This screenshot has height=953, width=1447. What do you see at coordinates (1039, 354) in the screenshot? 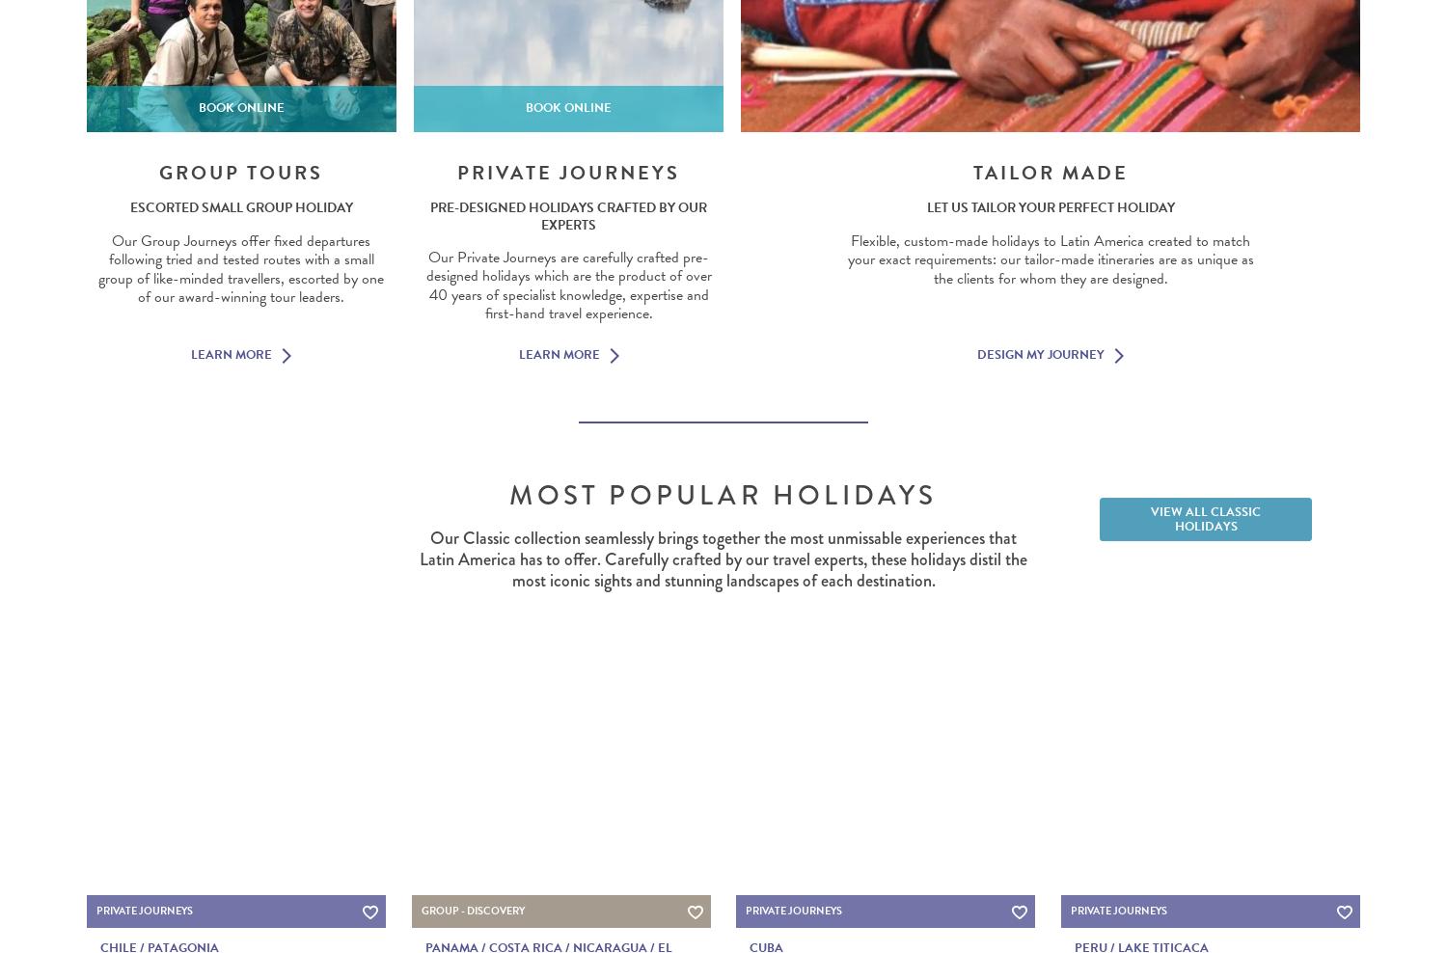
I see `'Design my journey'` at bounding box center [1039, 354].